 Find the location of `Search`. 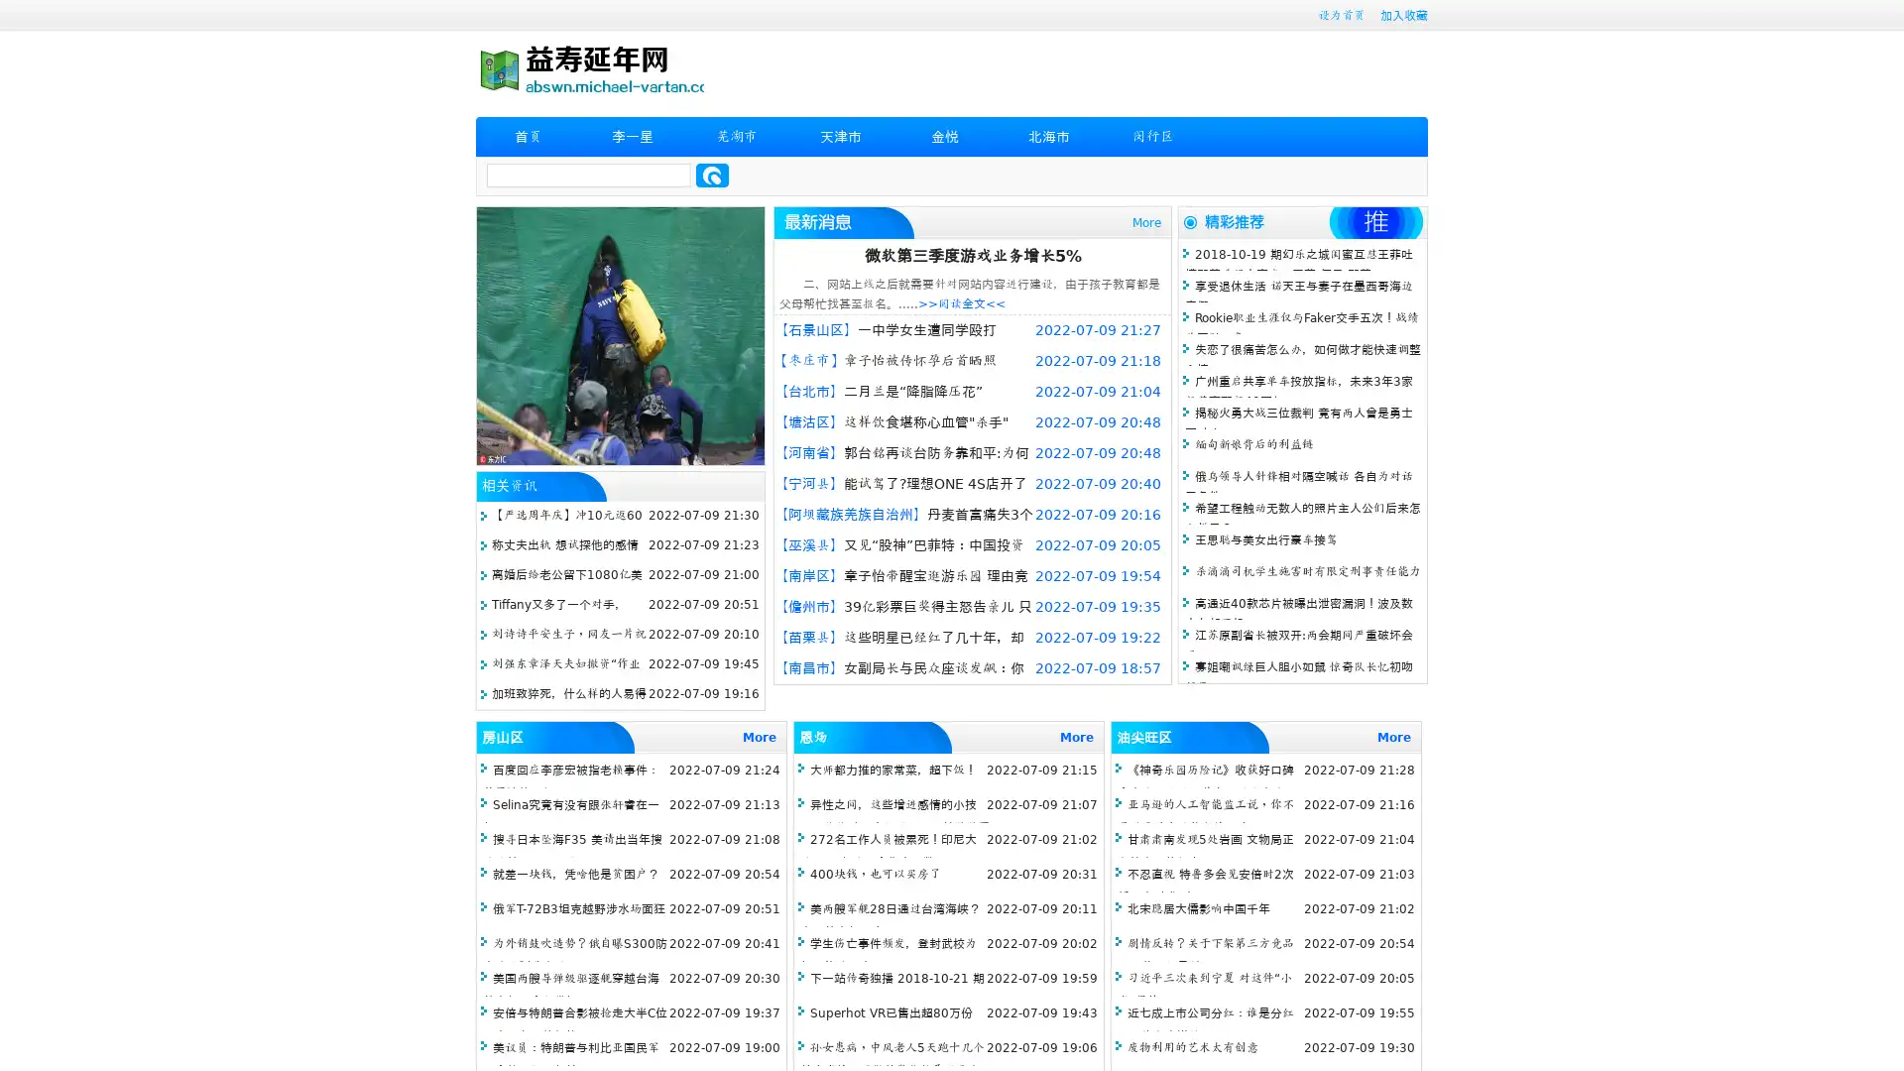

Search is located at coordinates (712, 175).